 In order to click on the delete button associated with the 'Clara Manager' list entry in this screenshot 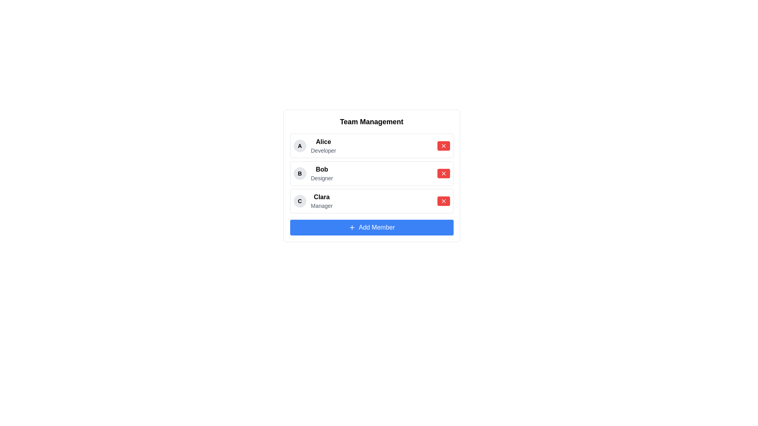, I will do `click(443, 200)`.